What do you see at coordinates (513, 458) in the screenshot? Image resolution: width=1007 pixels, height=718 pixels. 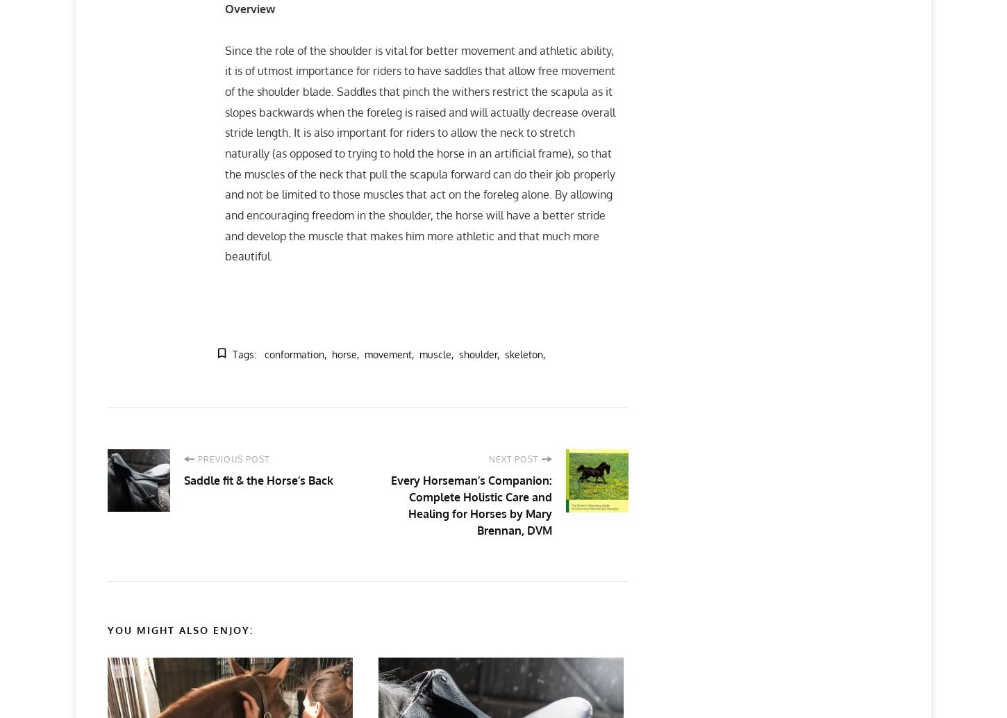 I see `'Next Post'` at bounding box center [513, 458].